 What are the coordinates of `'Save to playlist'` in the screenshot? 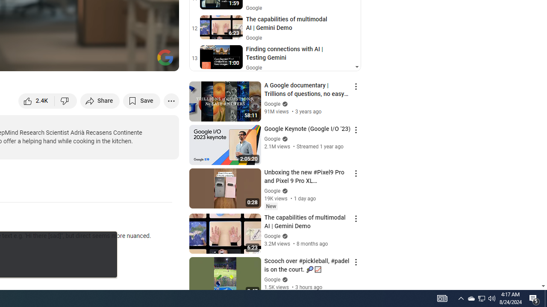 It's located at (141, 100).